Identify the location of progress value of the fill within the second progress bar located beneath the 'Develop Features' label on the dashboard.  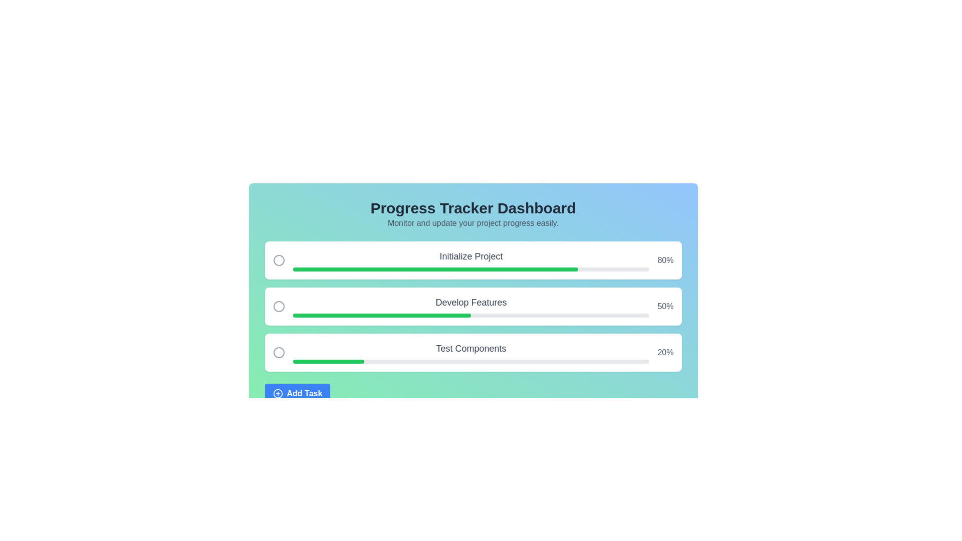
(381, 315).